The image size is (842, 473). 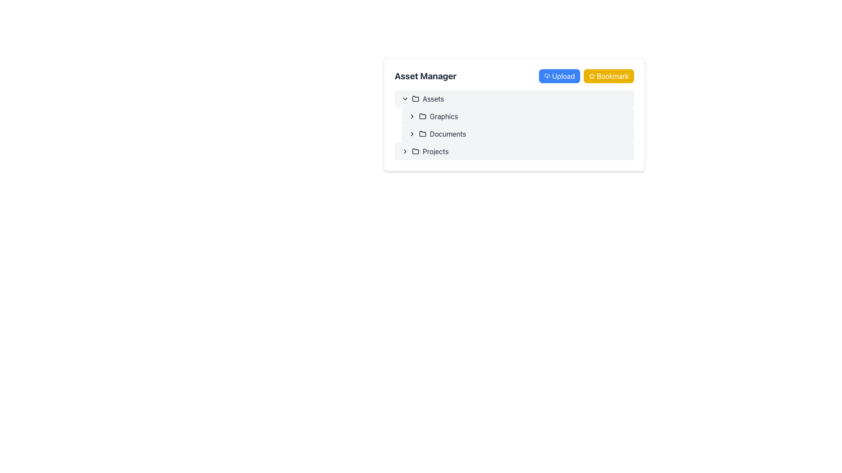 What do you see at coordinates (547, 75) in the screenshot?
I see `the upload icon, which resembles a cloud with an upward arrow, located within the 'Upload' button next to the label 'Upload' in the top-right corner of the 'Asset Manager' section` at bounding box center [547, 75].